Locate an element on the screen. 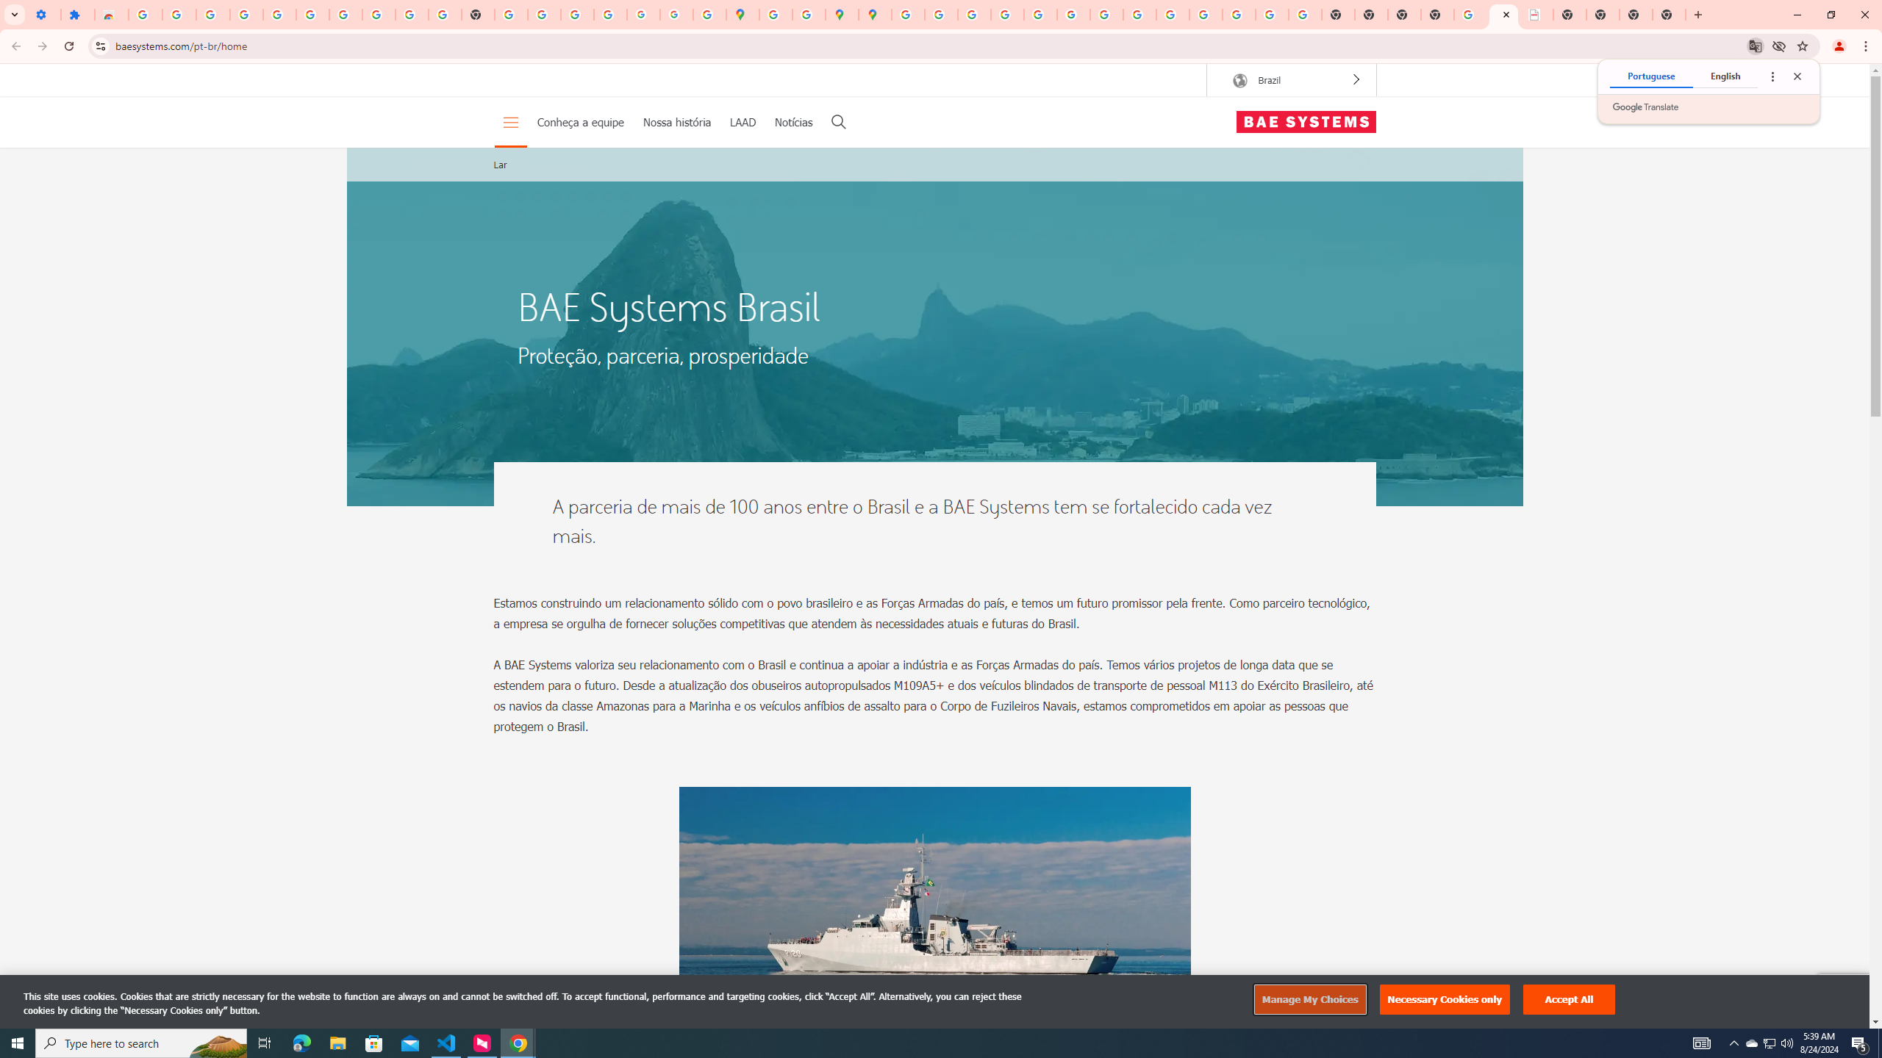 This screenshot has height=1058, width=1882. 'Necessary Cookies only' is located at coordinates (1445, 999).